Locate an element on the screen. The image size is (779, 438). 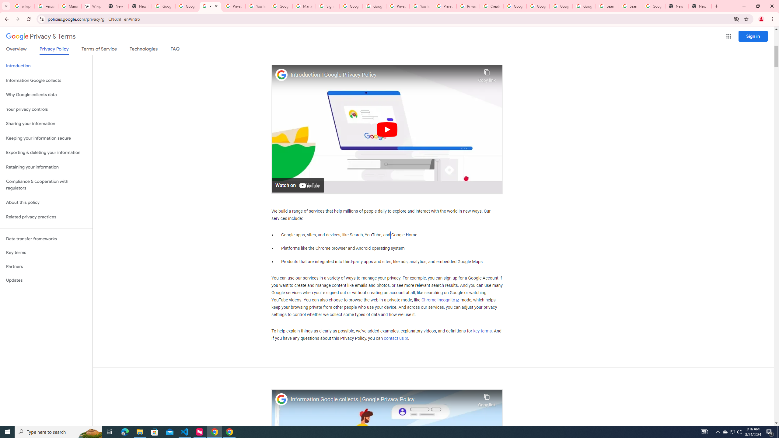
'Exporting & deleting your information' is located at coordinates (46, 152).